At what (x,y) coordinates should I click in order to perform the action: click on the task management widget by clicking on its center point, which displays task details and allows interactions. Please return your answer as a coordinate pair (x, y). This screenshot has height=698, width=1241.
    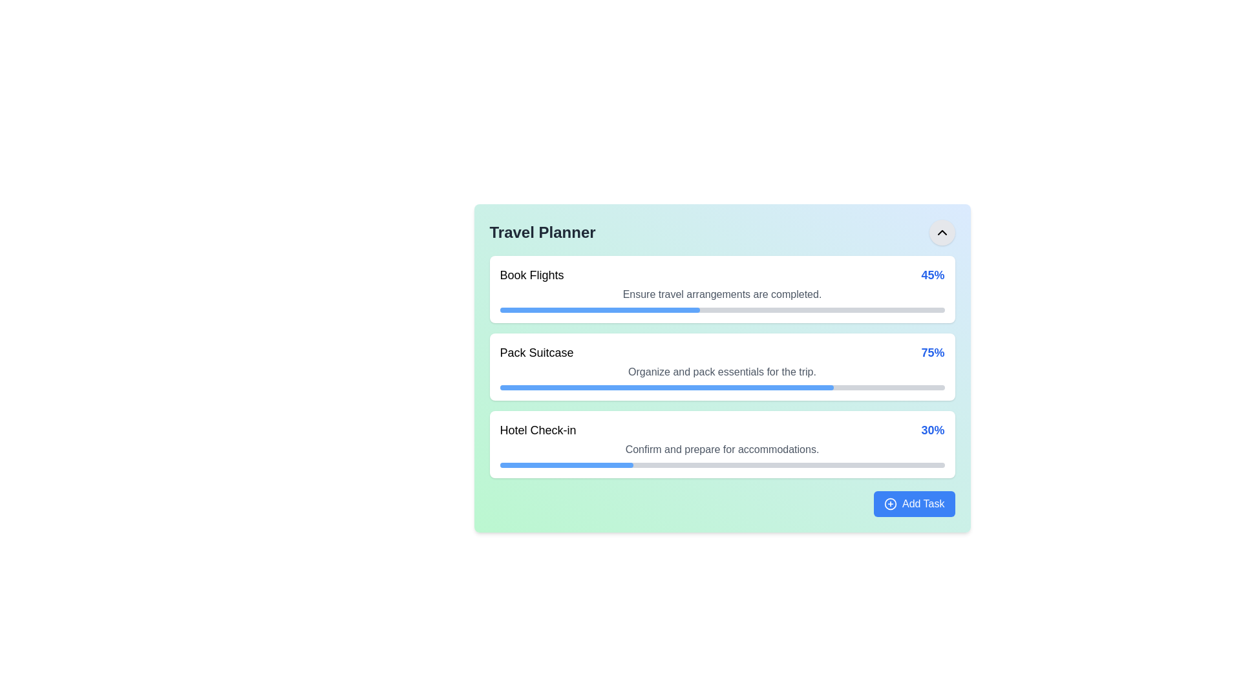
    Looking at the image, I should click on (721, 368).